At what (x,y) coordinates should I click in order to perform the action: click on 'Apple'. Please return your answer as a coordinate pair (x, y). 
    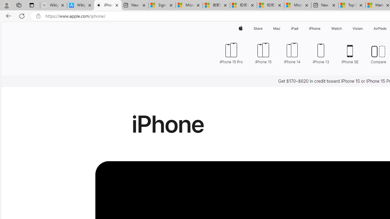
    Looking at the image, I should click on (240, 28).